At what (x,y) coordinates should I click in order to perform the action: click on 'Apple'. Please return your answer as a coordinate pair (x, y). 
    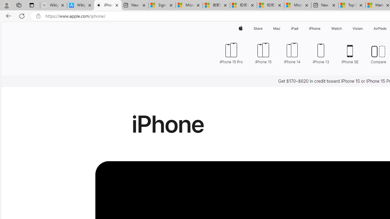
    Looking at the image, I should click on (240, 28).